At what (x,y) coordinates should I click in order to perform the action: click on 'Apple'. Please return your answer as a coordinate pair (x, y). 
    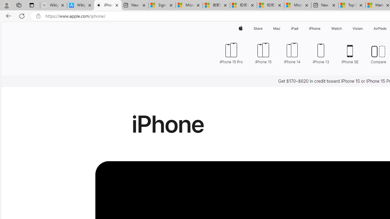
    Looking at the image, I should click on (240, 28).